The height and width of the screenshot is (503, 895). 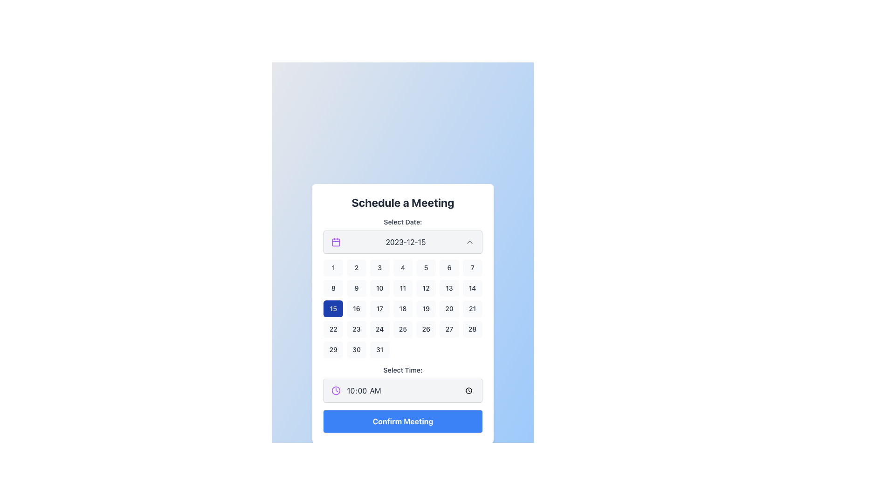 What do you see at coordinates (333, 350) in the screenshot?
I see `the '29' button in the calendar grid` at bounding box center [333, 350].